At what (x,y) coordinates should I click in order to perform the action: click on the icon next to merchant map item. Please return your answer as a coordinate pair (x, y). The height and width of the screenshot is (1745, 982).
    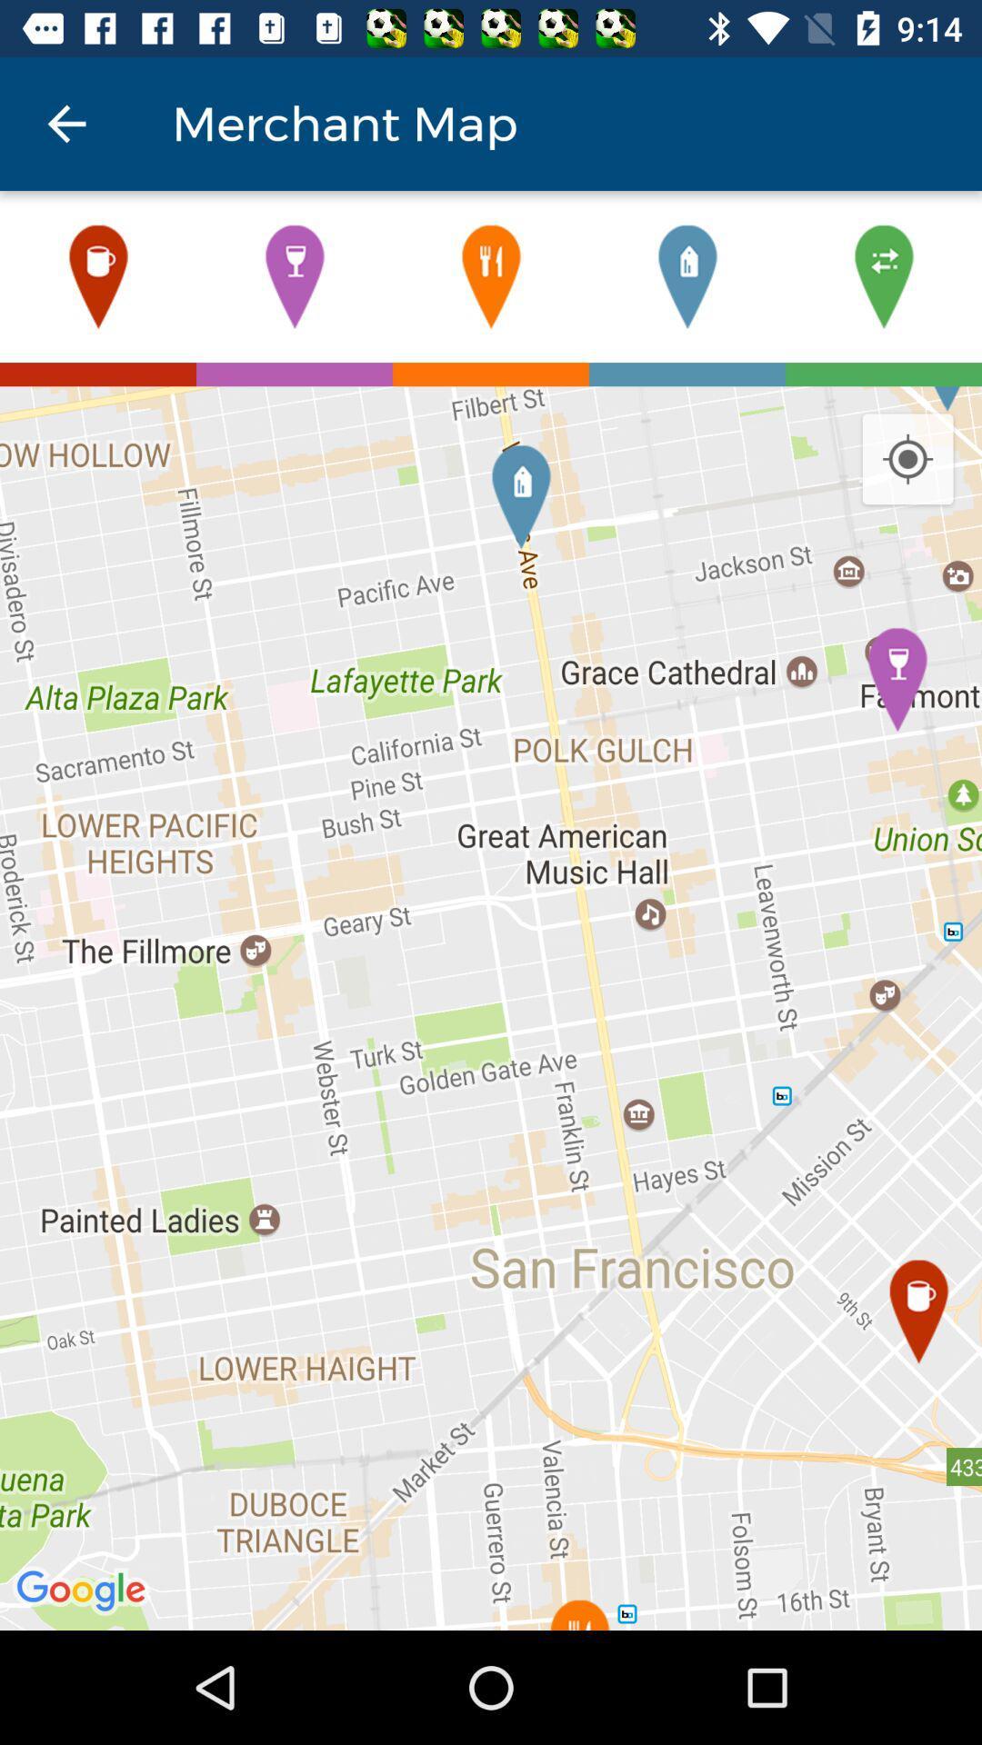
    Looking at the image, I should click on (65, 123).